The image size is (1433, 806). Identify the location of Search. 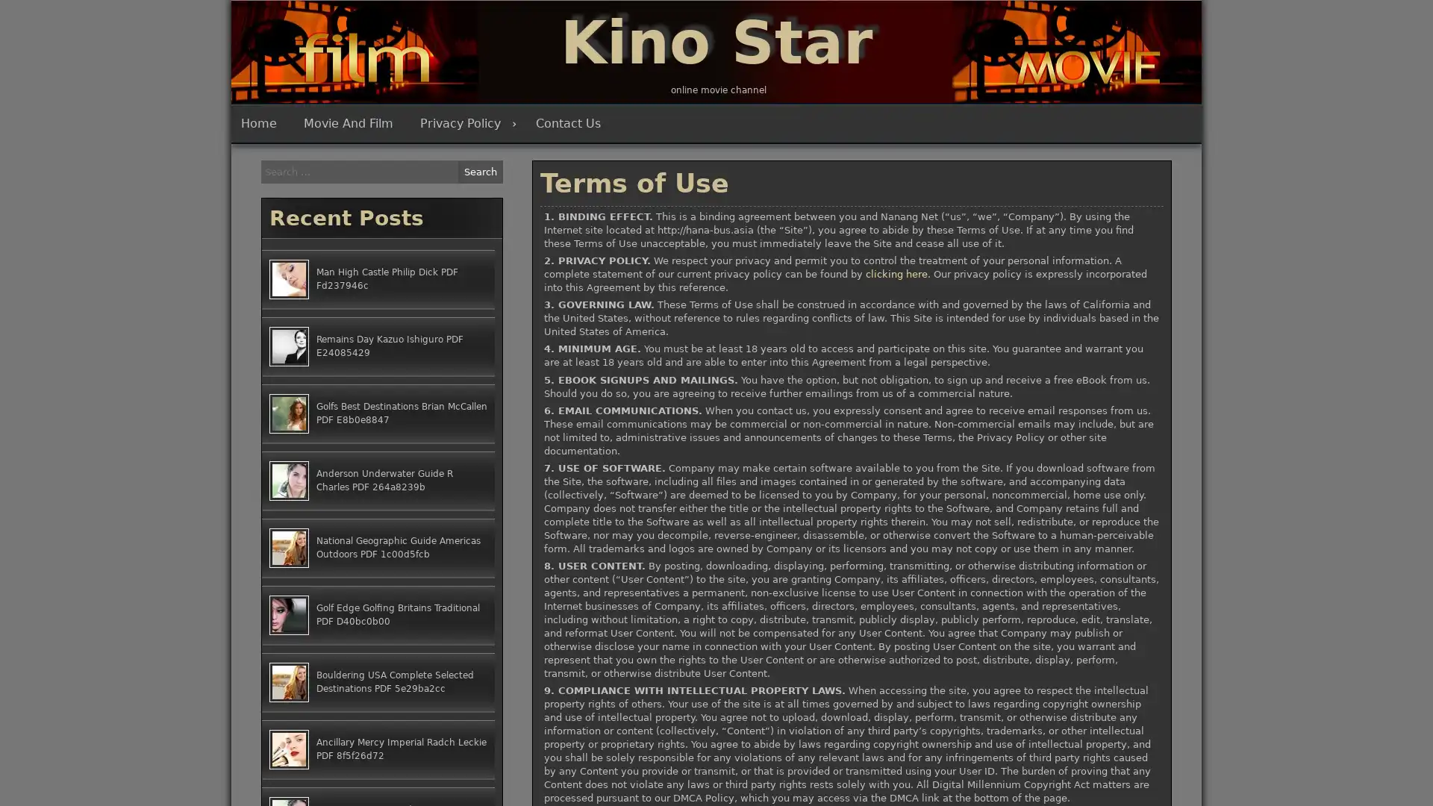
(480, 171).